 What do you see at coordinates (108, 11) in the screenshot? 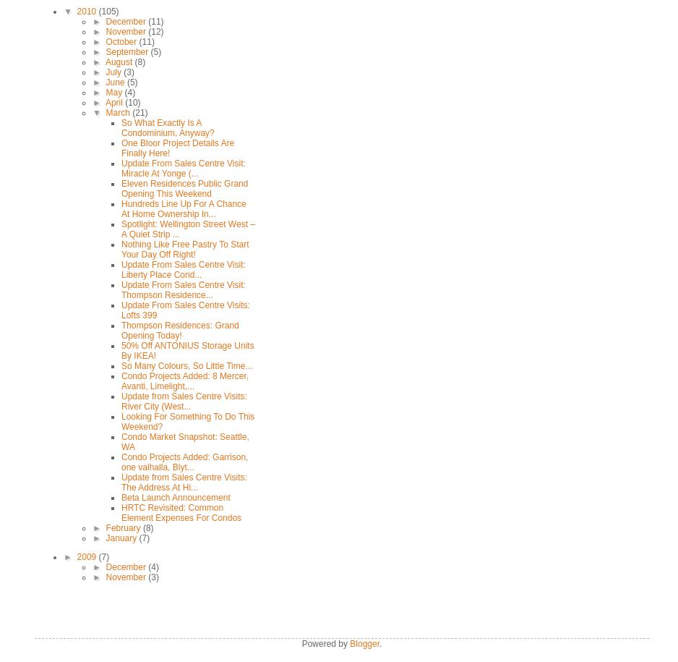
I see `'(105)'` at bounding box center [108, 11].